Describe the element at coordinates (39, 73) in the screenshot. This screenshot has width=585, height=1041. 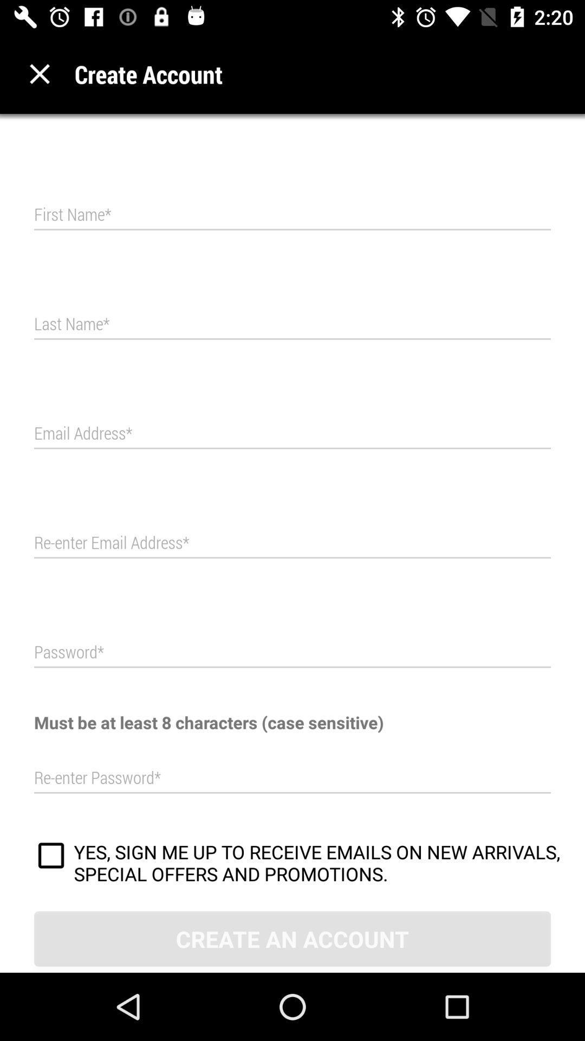
I see `section` at that location.